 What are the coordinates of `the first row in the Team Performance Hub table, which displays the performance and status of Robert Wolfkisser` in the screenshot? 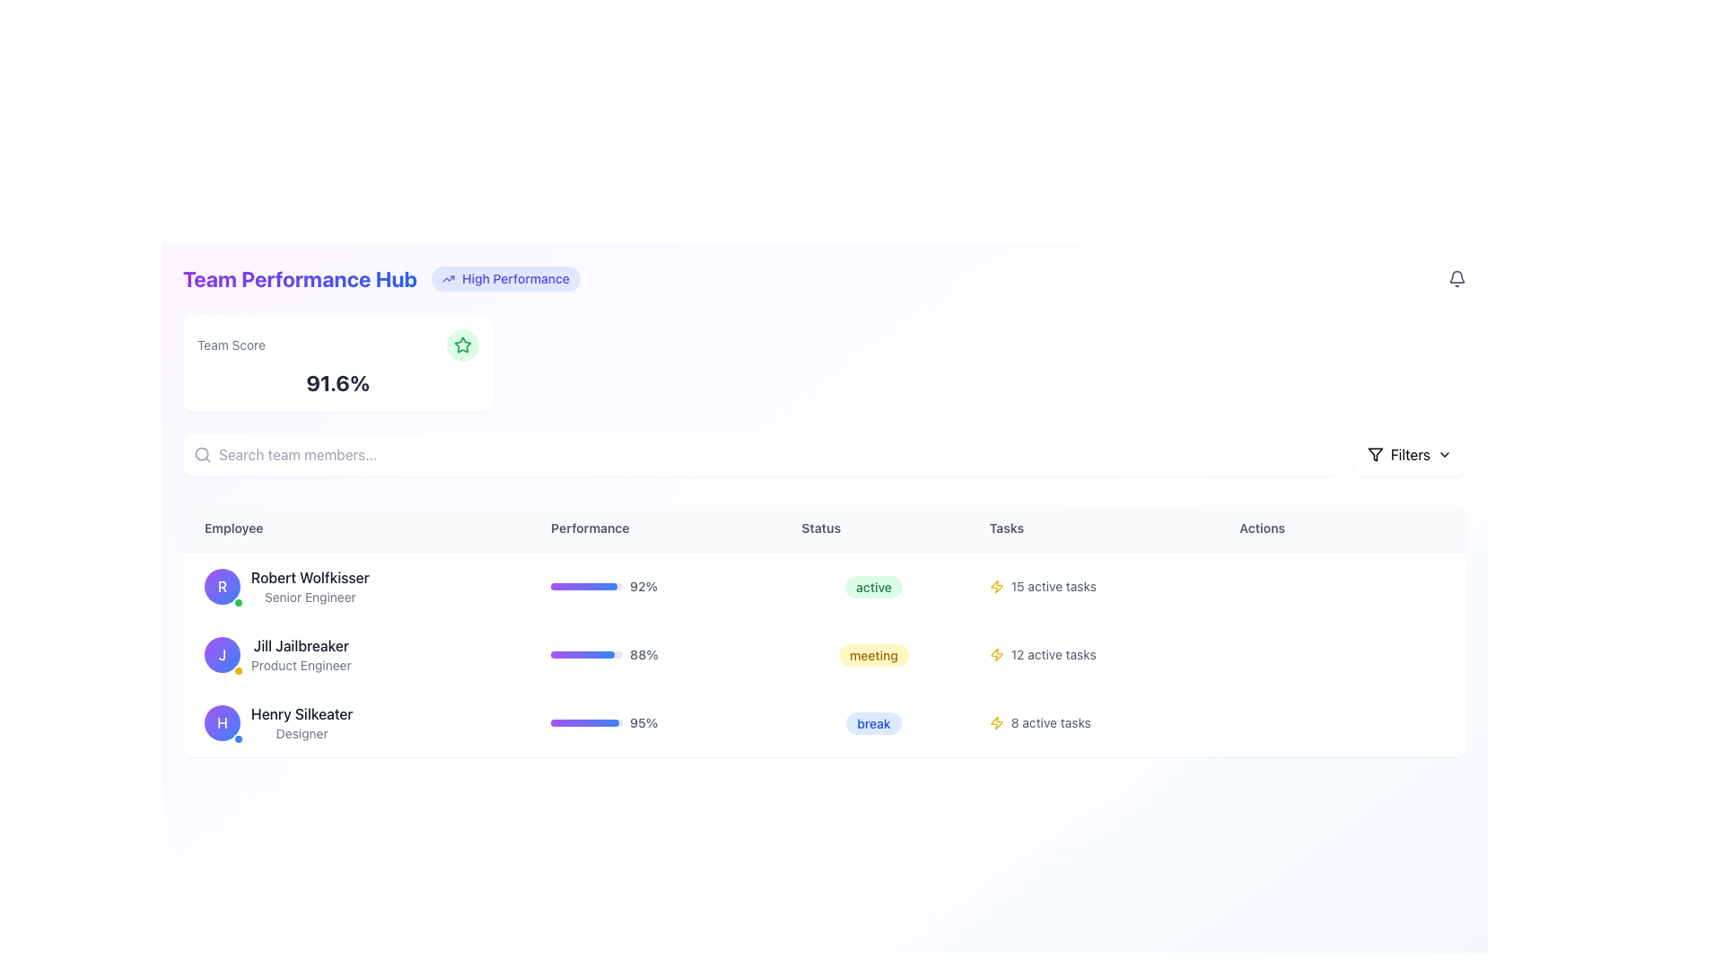 It's located at (823, 586).